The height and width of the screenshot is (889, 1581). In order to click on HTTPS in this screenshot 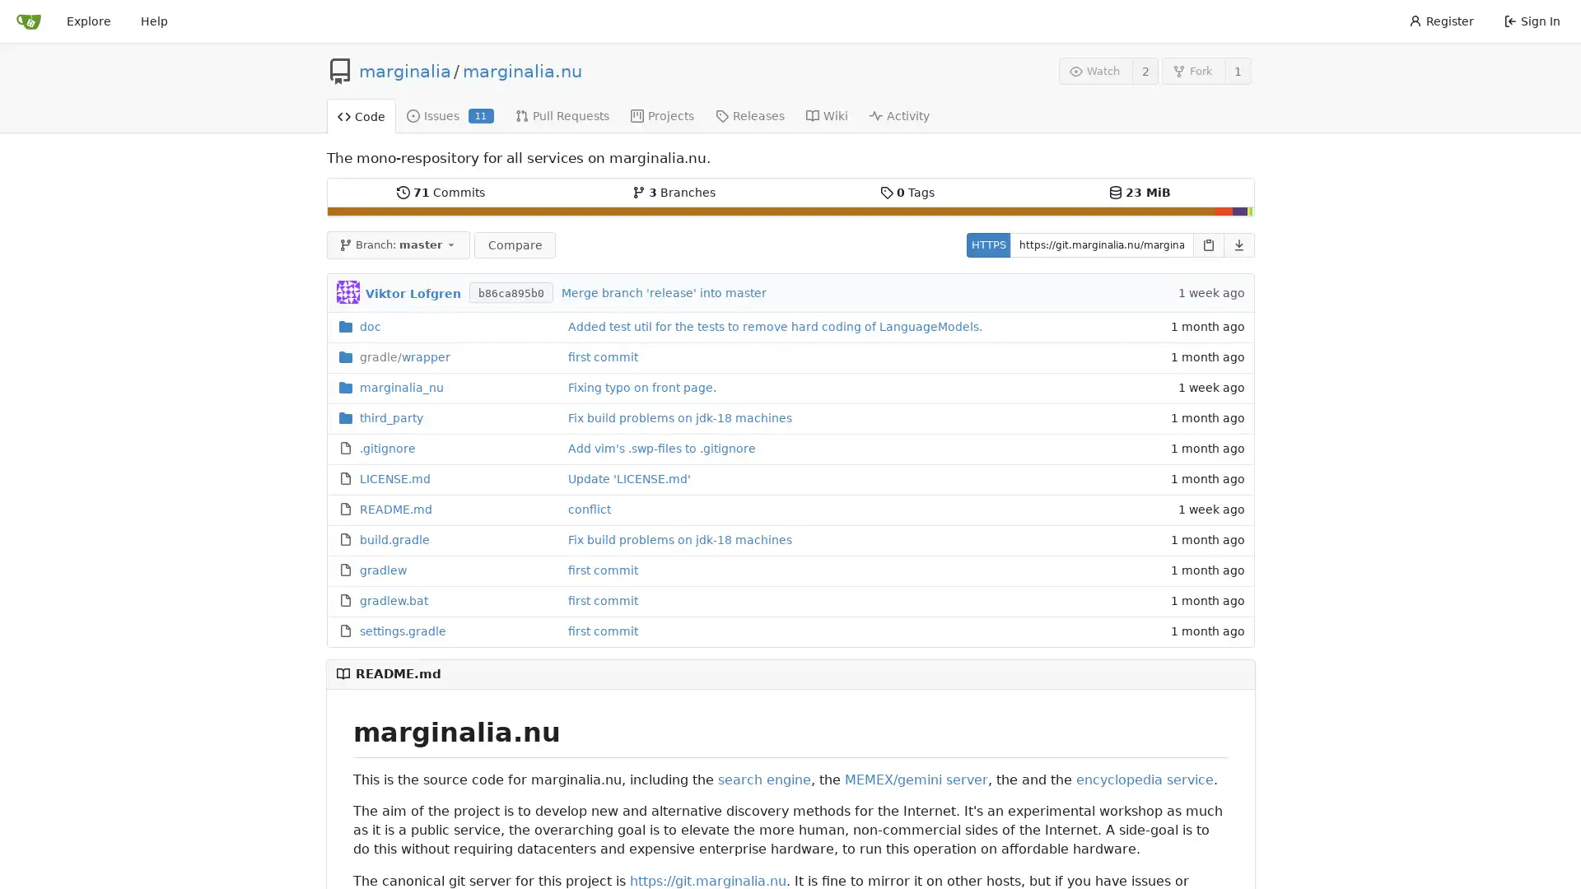, I will do `click(987, 244)`.